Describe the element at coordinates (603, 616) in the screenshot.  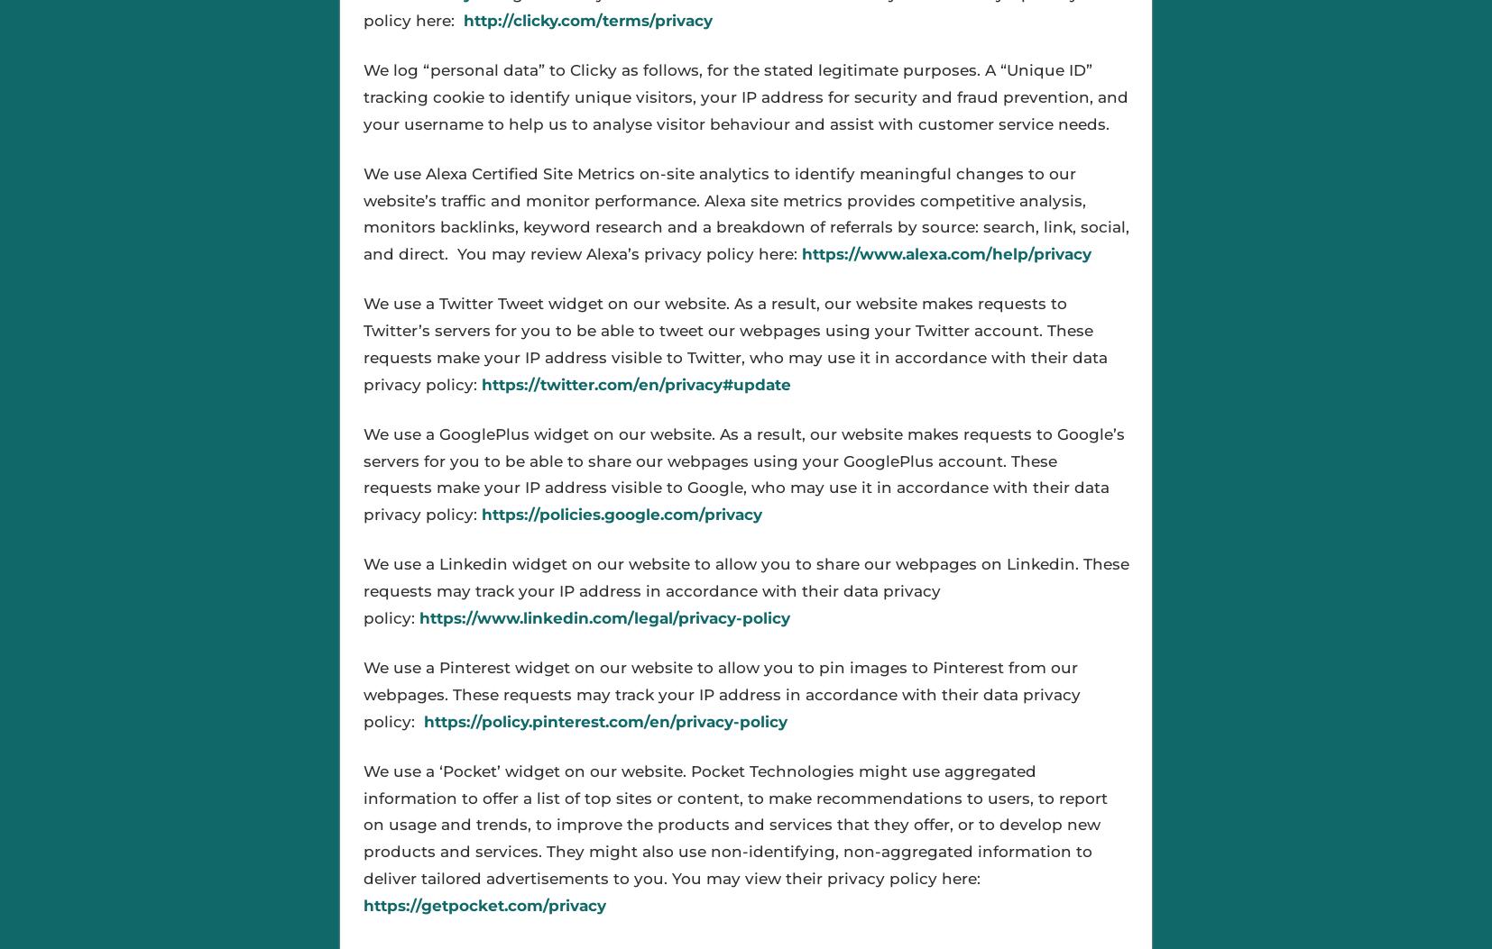
I see `'https://www.linkedin.com/legal/privacy-policy'` at that location.